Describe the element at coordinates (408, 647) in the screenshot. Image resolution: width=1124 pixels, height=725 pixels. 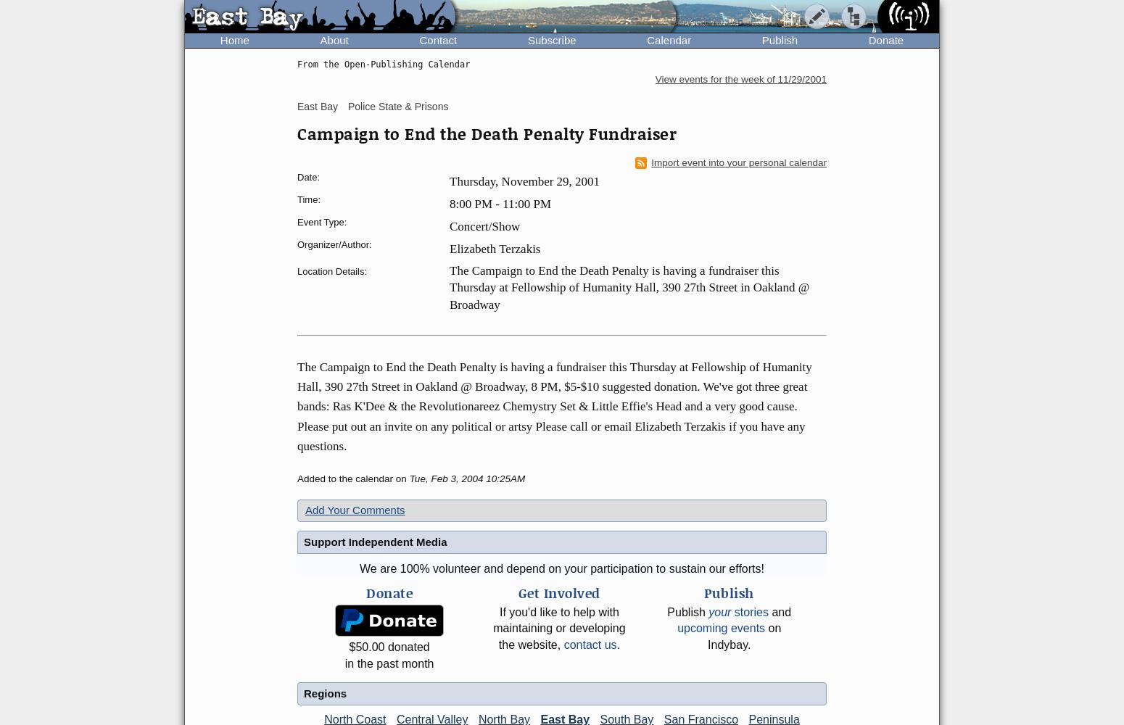
I see `'donated'` at that location.